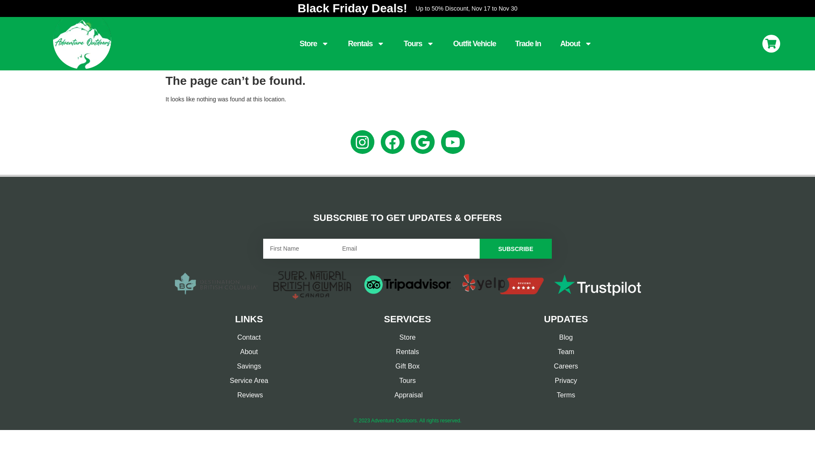 The image size is (815, 458). What do you see at coordinates (407, 380) in the screenshot?
I see `'Tours'` at bounding box center [407, 380].